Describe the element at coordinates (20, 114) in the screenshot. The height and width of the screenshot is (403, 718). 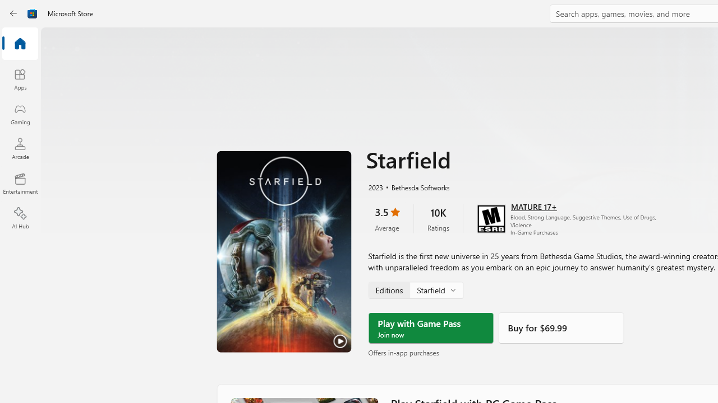
I see `'Gaming'` at that location.